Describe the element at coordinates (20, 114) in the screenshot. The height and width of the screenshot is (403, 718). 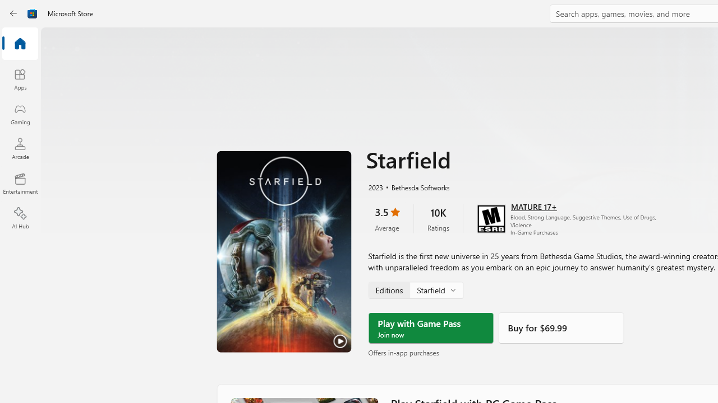
I see `'Gaming'` at that location.